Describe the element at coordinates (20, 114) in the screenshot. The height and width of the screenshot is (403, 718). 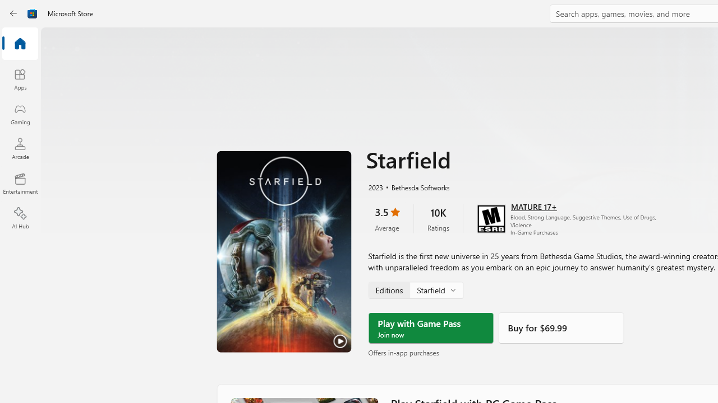
I see `'Gaming'` at that location.